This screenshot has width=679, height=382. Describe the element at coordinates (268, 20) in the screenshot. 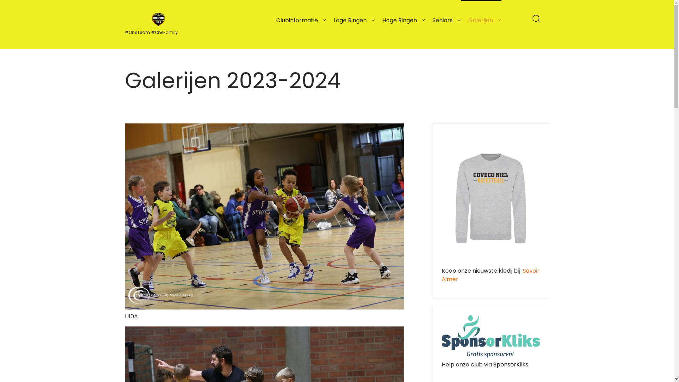

I see `'Clubinformatie'` at that location.